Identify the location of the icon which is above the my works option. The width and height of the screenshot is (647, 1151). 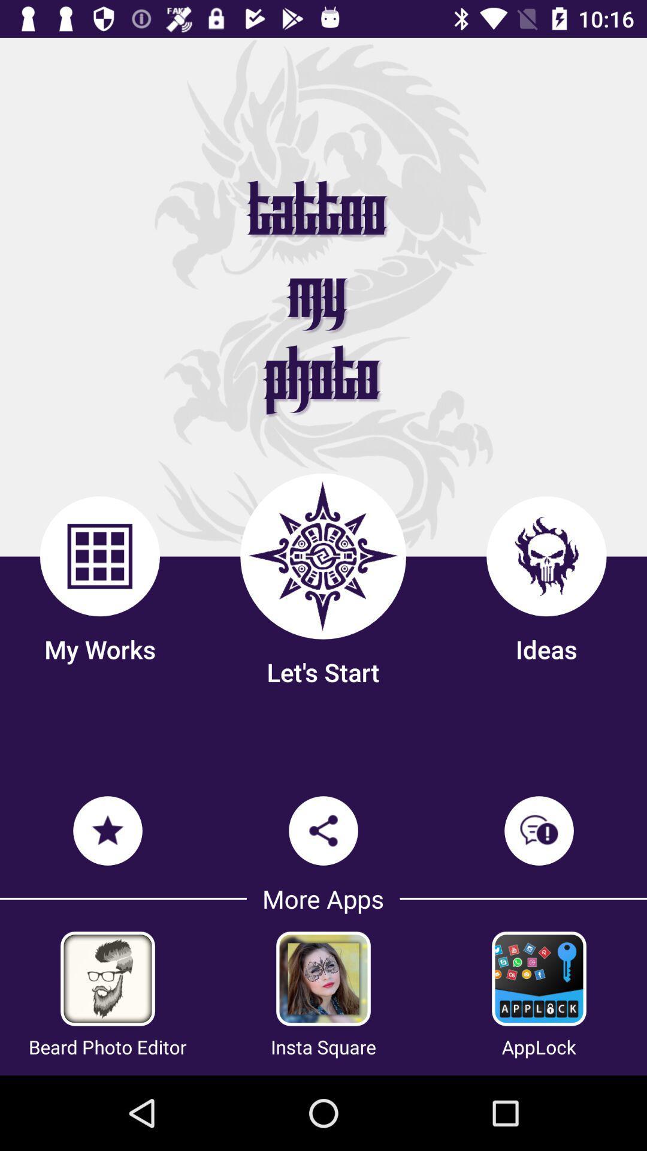
(99, 555).